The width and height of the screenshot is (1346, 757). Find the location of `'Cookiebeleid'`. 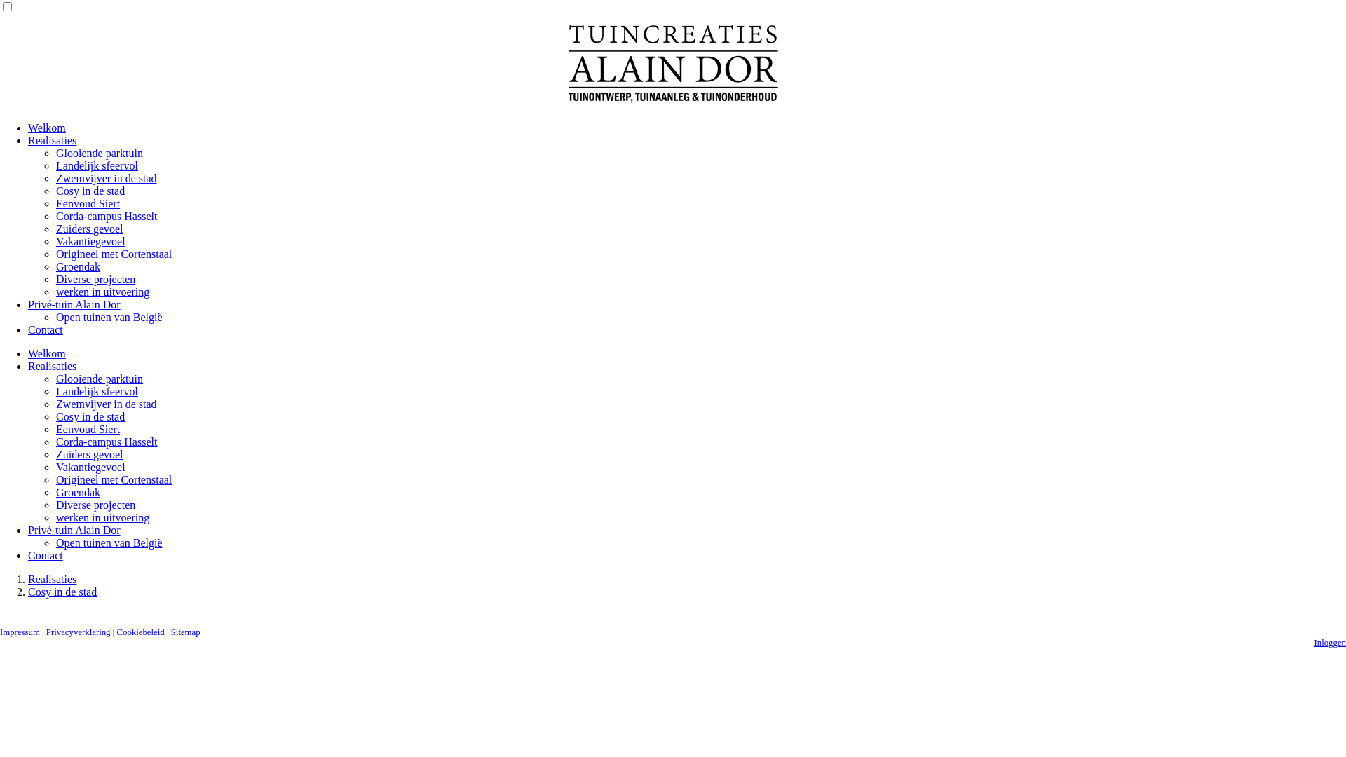

'Cookiebeleid' is located at coordinates (140, 632).